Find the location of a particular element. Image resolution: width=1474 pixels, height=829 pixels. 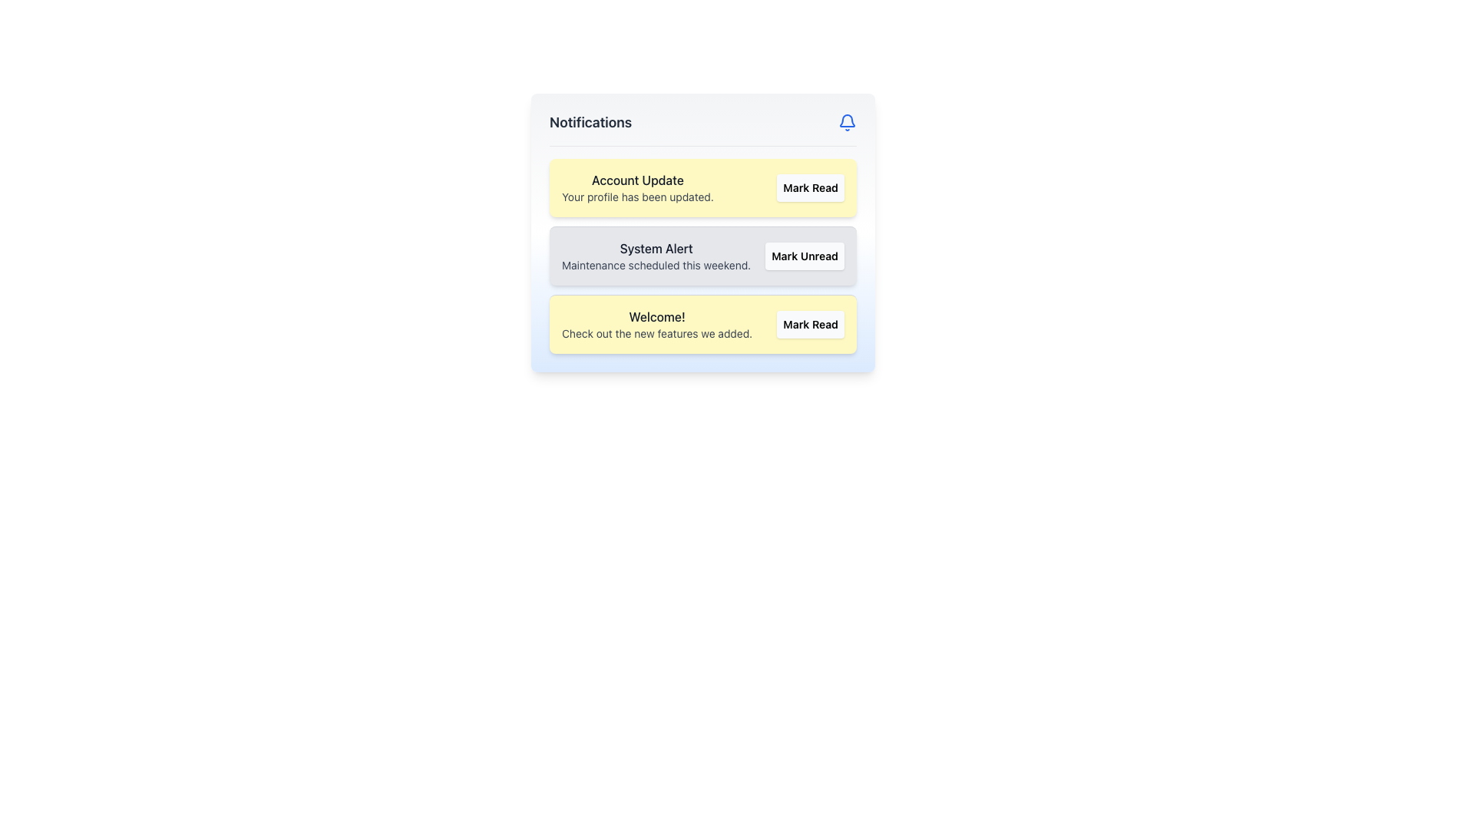

the button on the right side of the notification item titled 'Account Update' to mark the notification as read is located at coordinates (810, 187).